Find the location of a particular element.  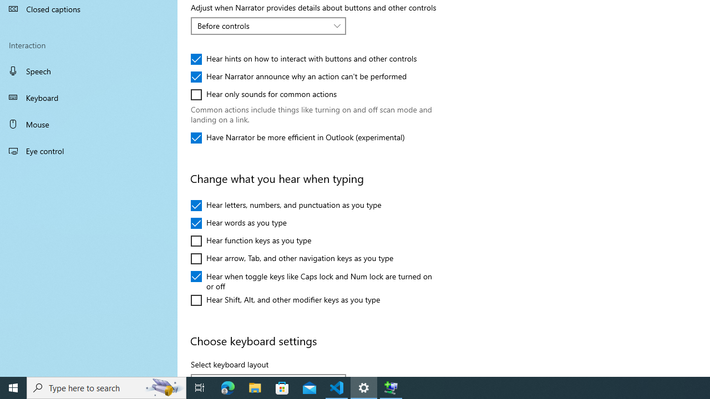

'Microsoft Edge' is located at coordinates (227, 387).